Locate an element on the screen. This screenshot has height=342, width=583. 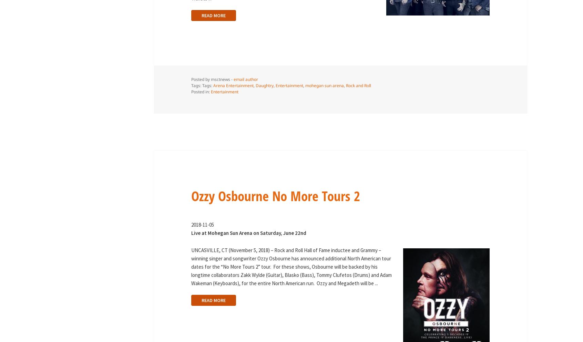
'2018-11-05' is located at coordinates (202, 225).